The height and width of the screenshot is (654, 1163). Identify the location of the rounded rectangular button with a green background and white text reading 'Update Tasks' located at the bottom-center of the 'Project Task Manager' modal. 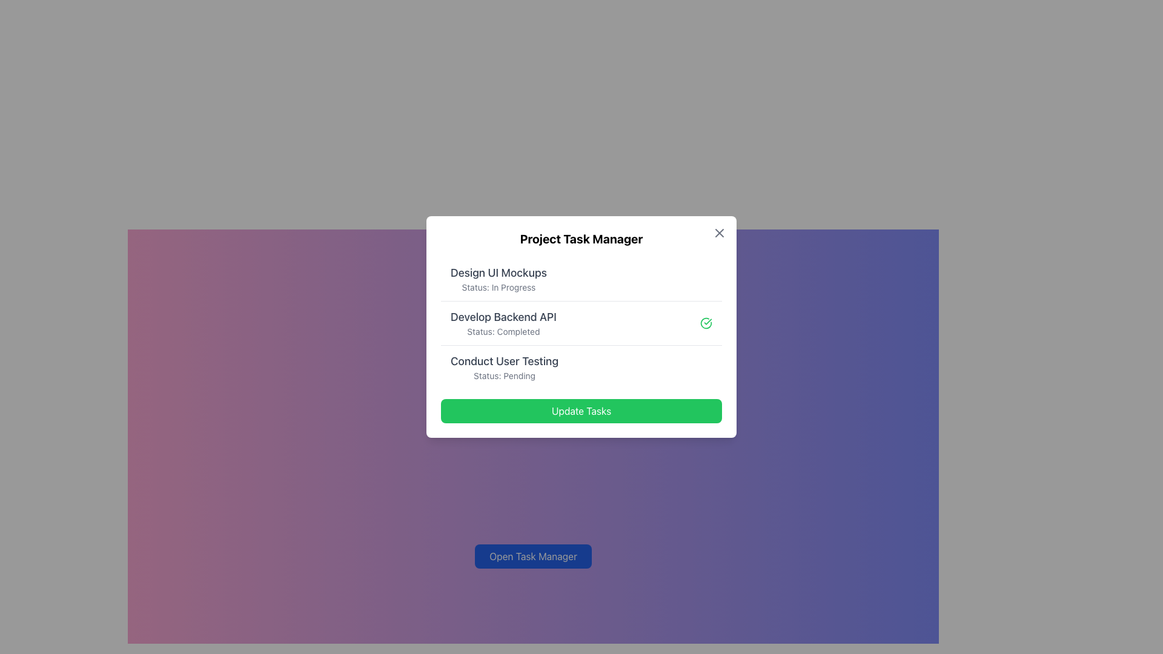
(581, 410).